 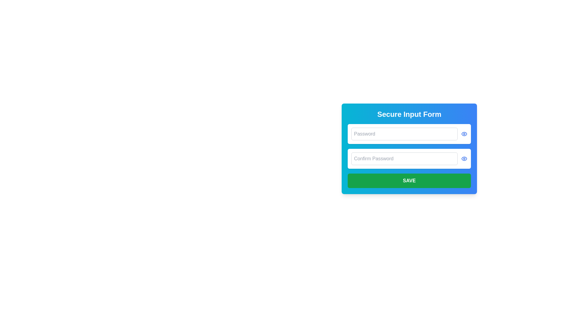 What do you see at coordinates (464, 158) in the screenshot?
I see `the small blue eye icon button located to the right of the 'Confirm Password' input field` at bounding box center [464, 158].